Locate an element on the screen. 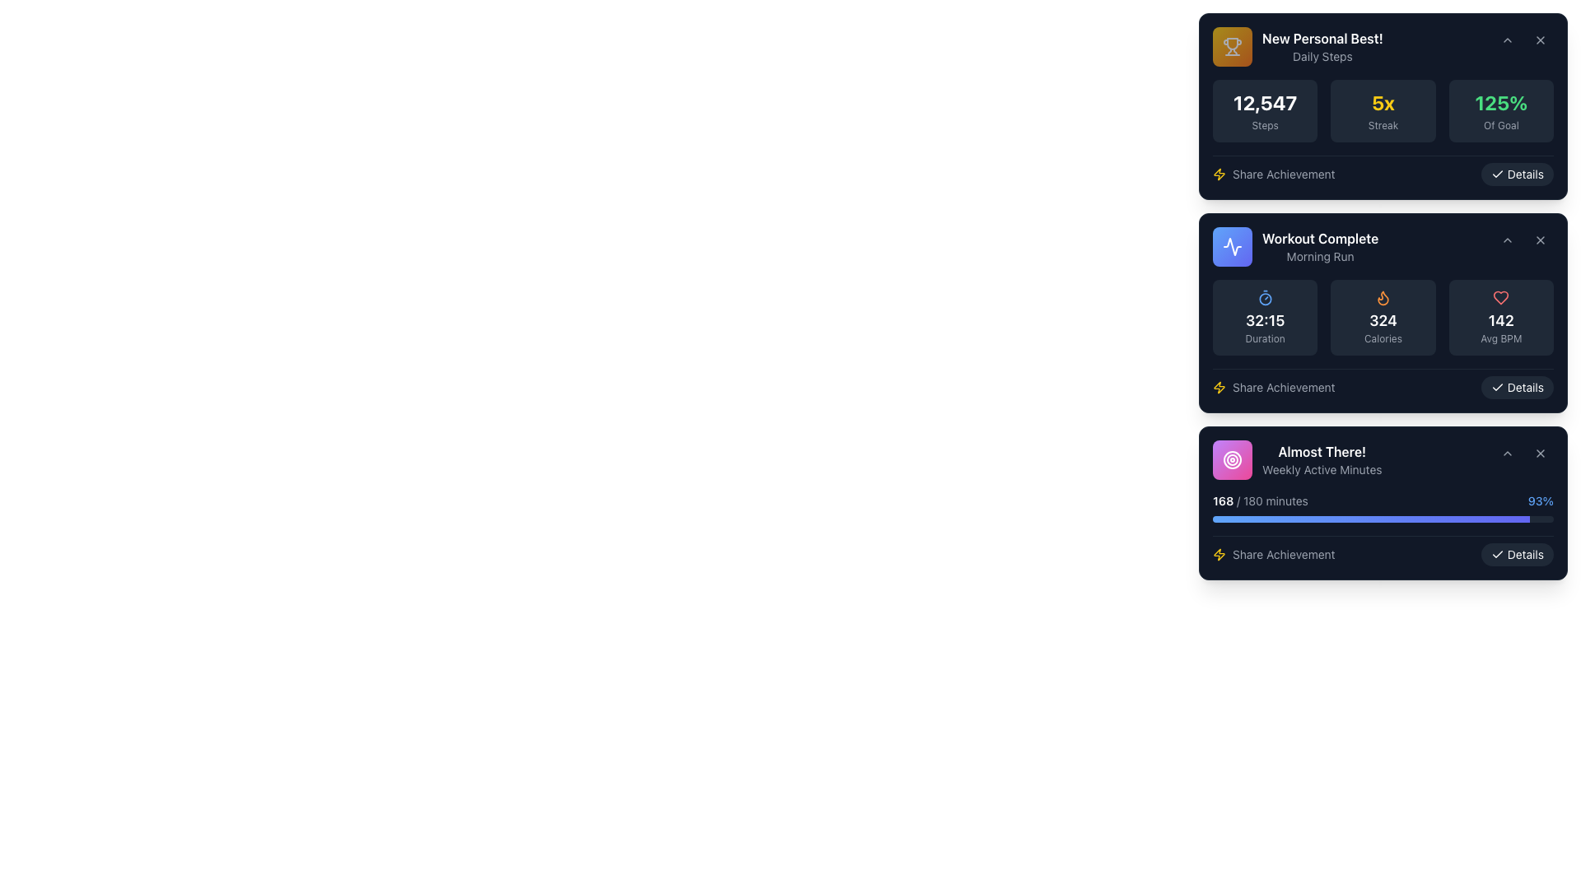  the text display that shows '168 / 180 minutes' in the bottom panel titled 'Almost There! Weekly Active Minutes' is located at coordinates (1223, 500).